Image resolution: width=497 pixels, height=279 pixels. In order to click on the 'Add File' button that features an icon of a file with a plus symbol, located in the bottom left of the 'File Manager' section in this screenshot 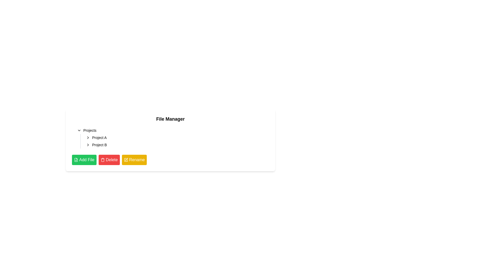, I will do `click(76, 159)`.